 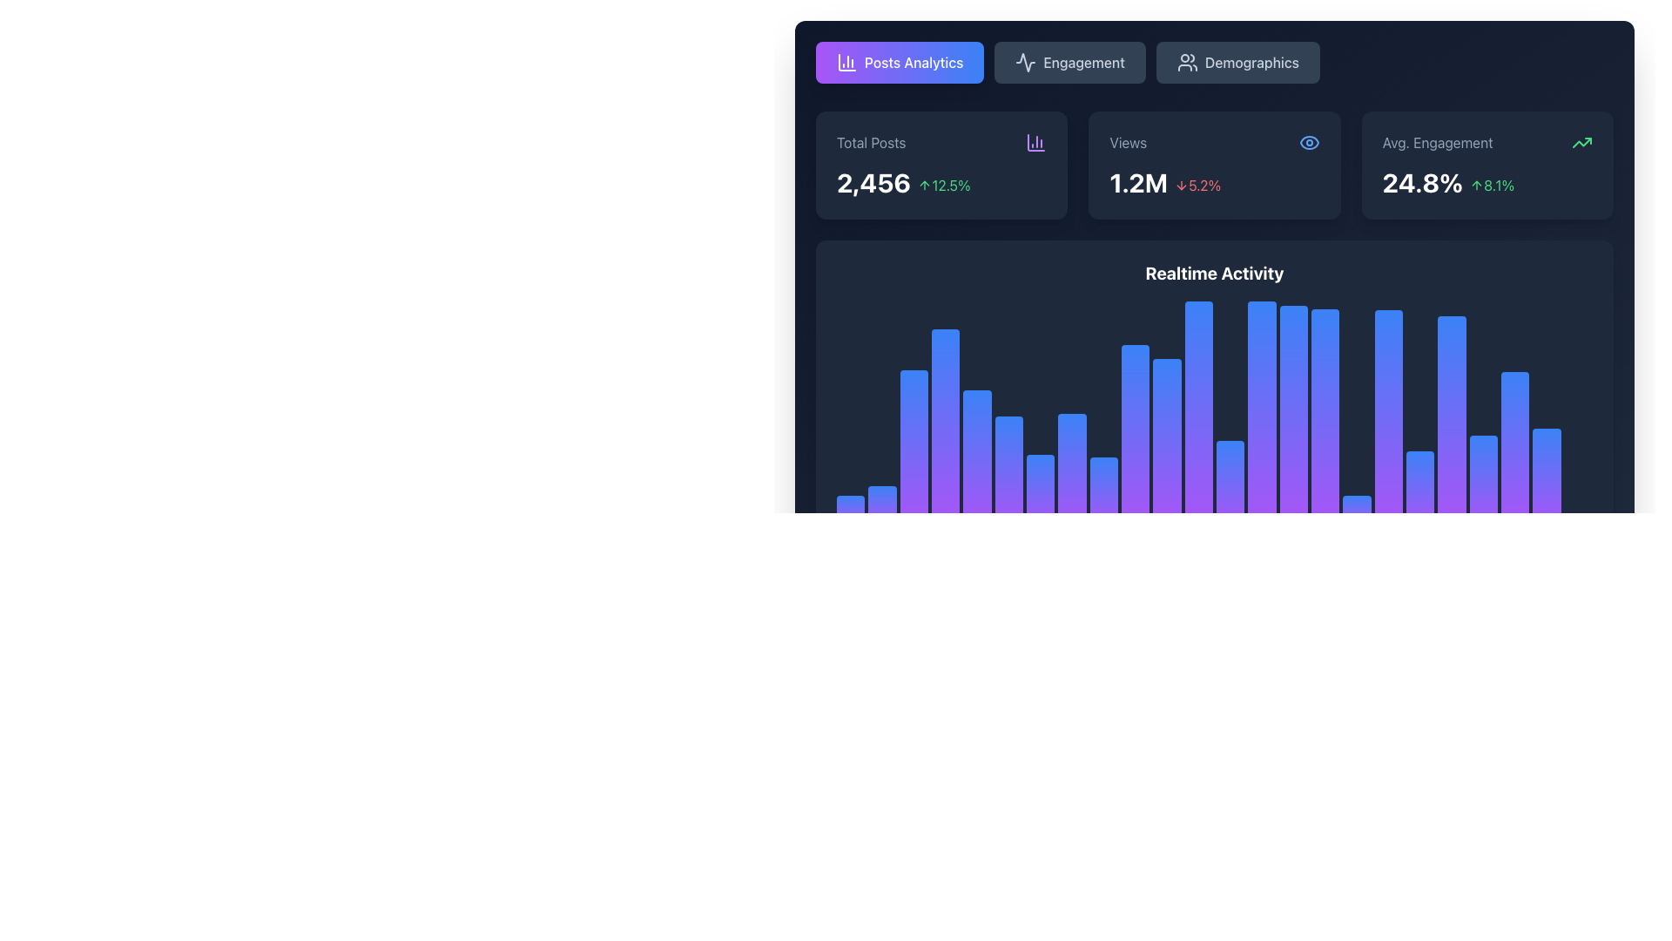 I want to click on the line graph icon with an upward trend, which is located in the top-right corner of the panel and represented by a zigzag line highlighted in green, so click(x=1582, y=142).